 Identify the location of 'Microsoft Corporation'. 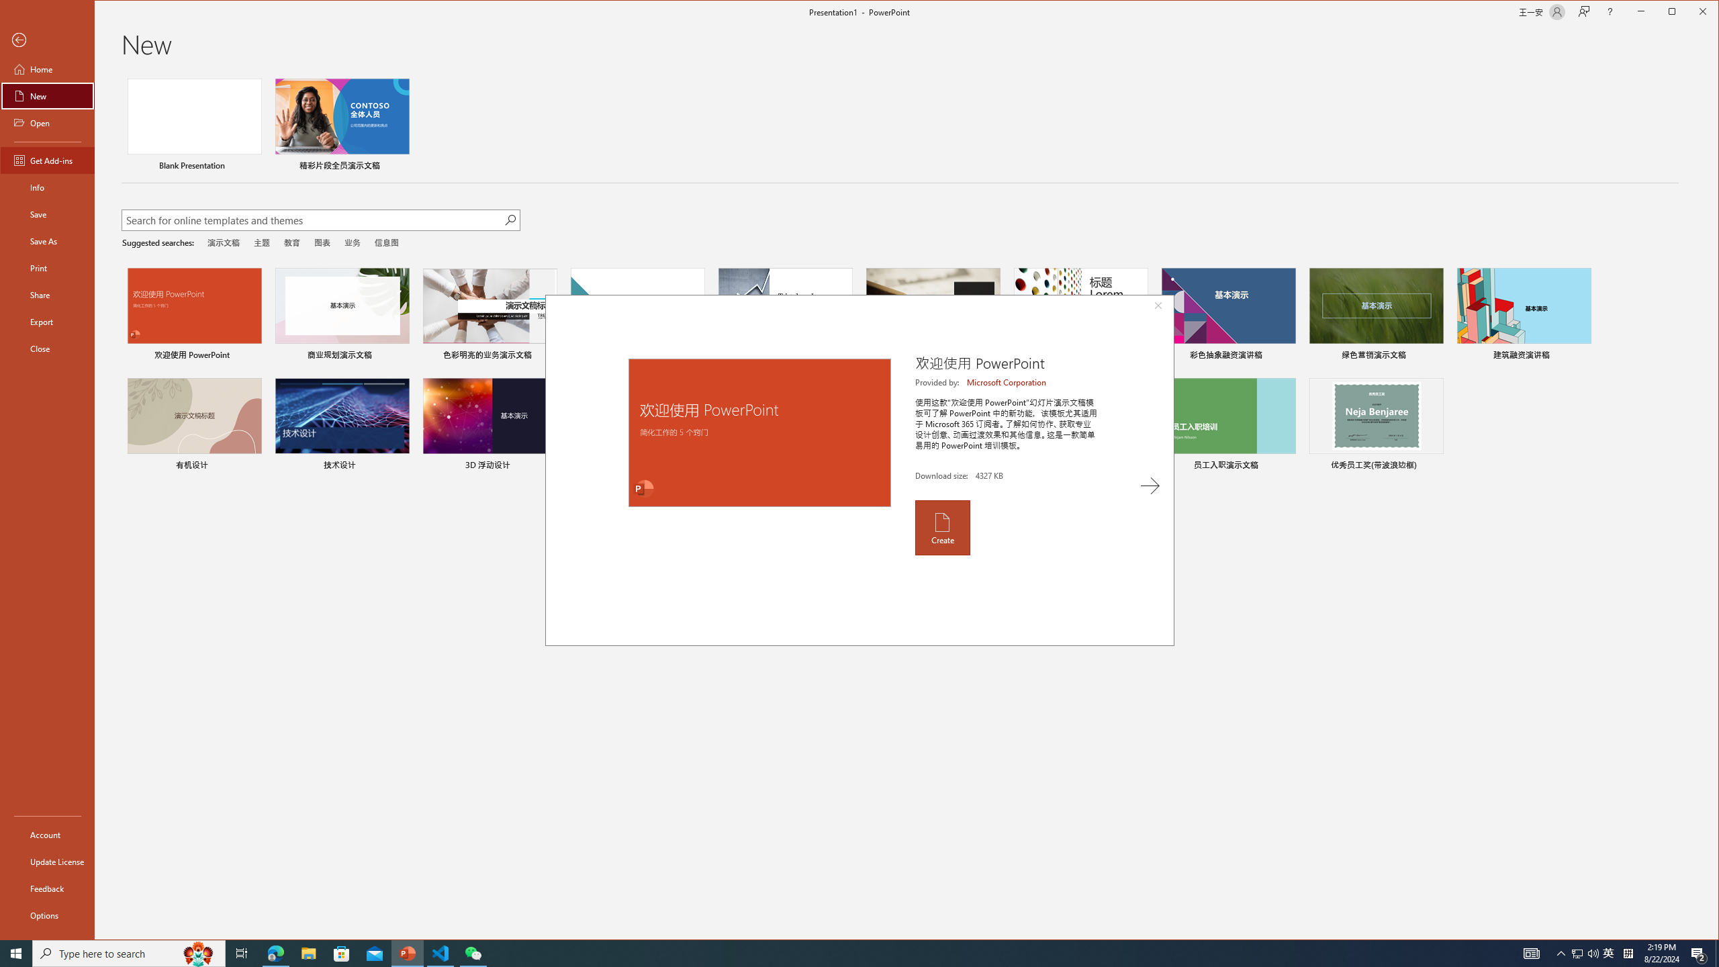
(1007, 381).